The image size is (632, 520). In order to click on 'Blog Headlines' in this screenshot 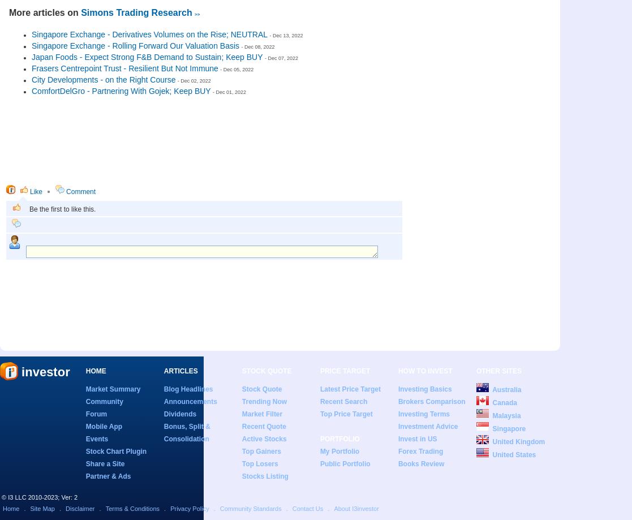, I will do `click(187, 388)`.